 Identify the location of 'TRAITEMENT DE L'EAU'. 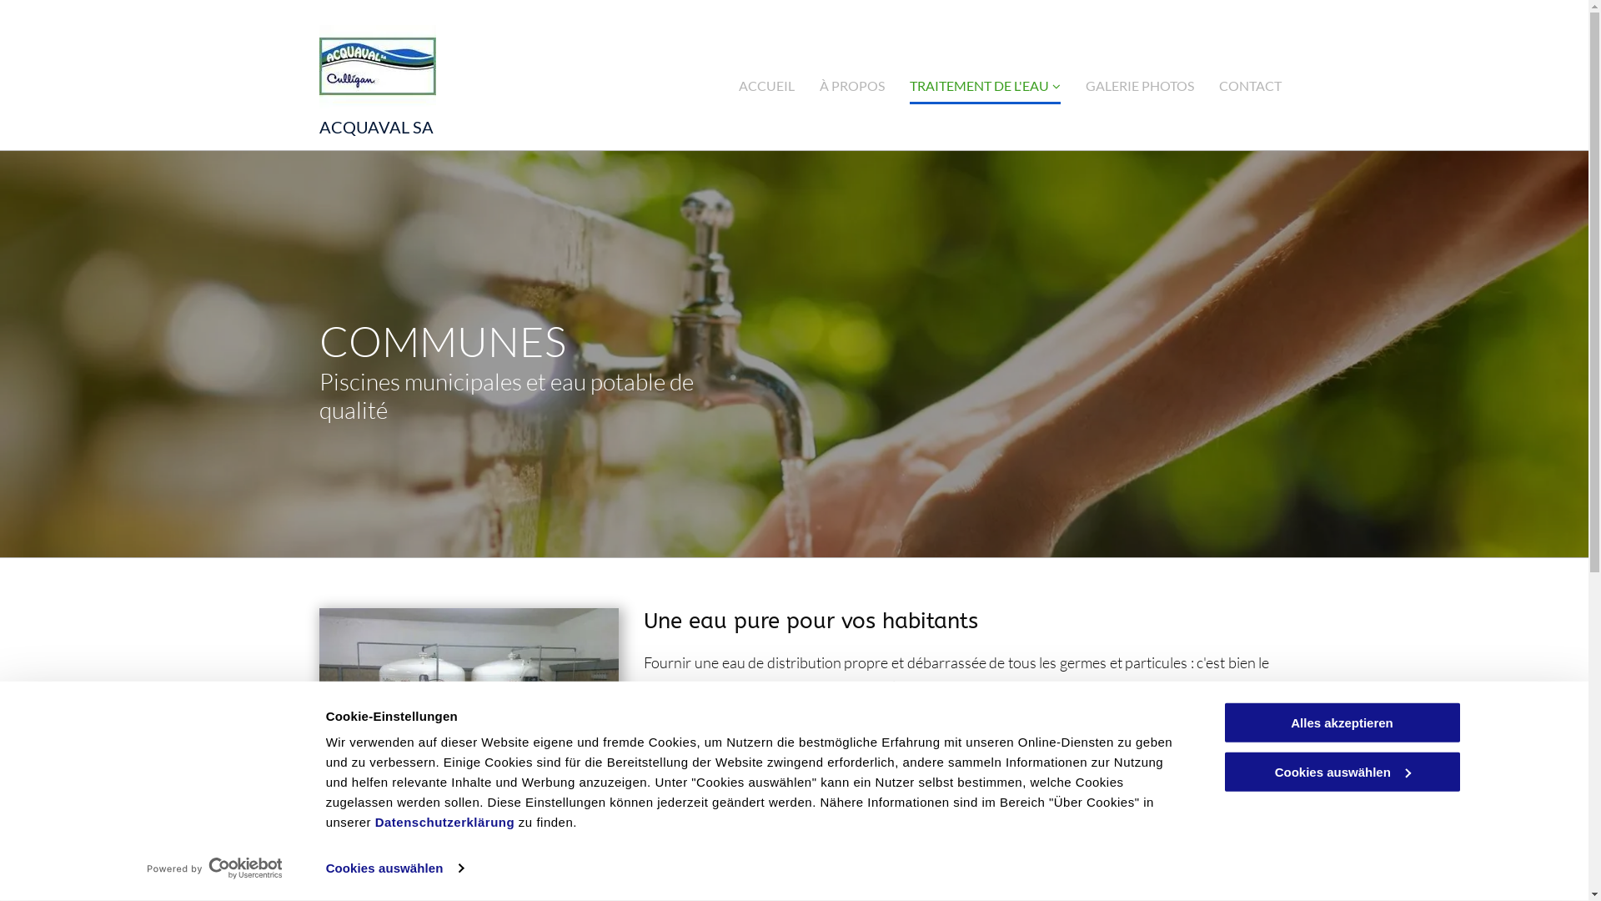
(985, 84).